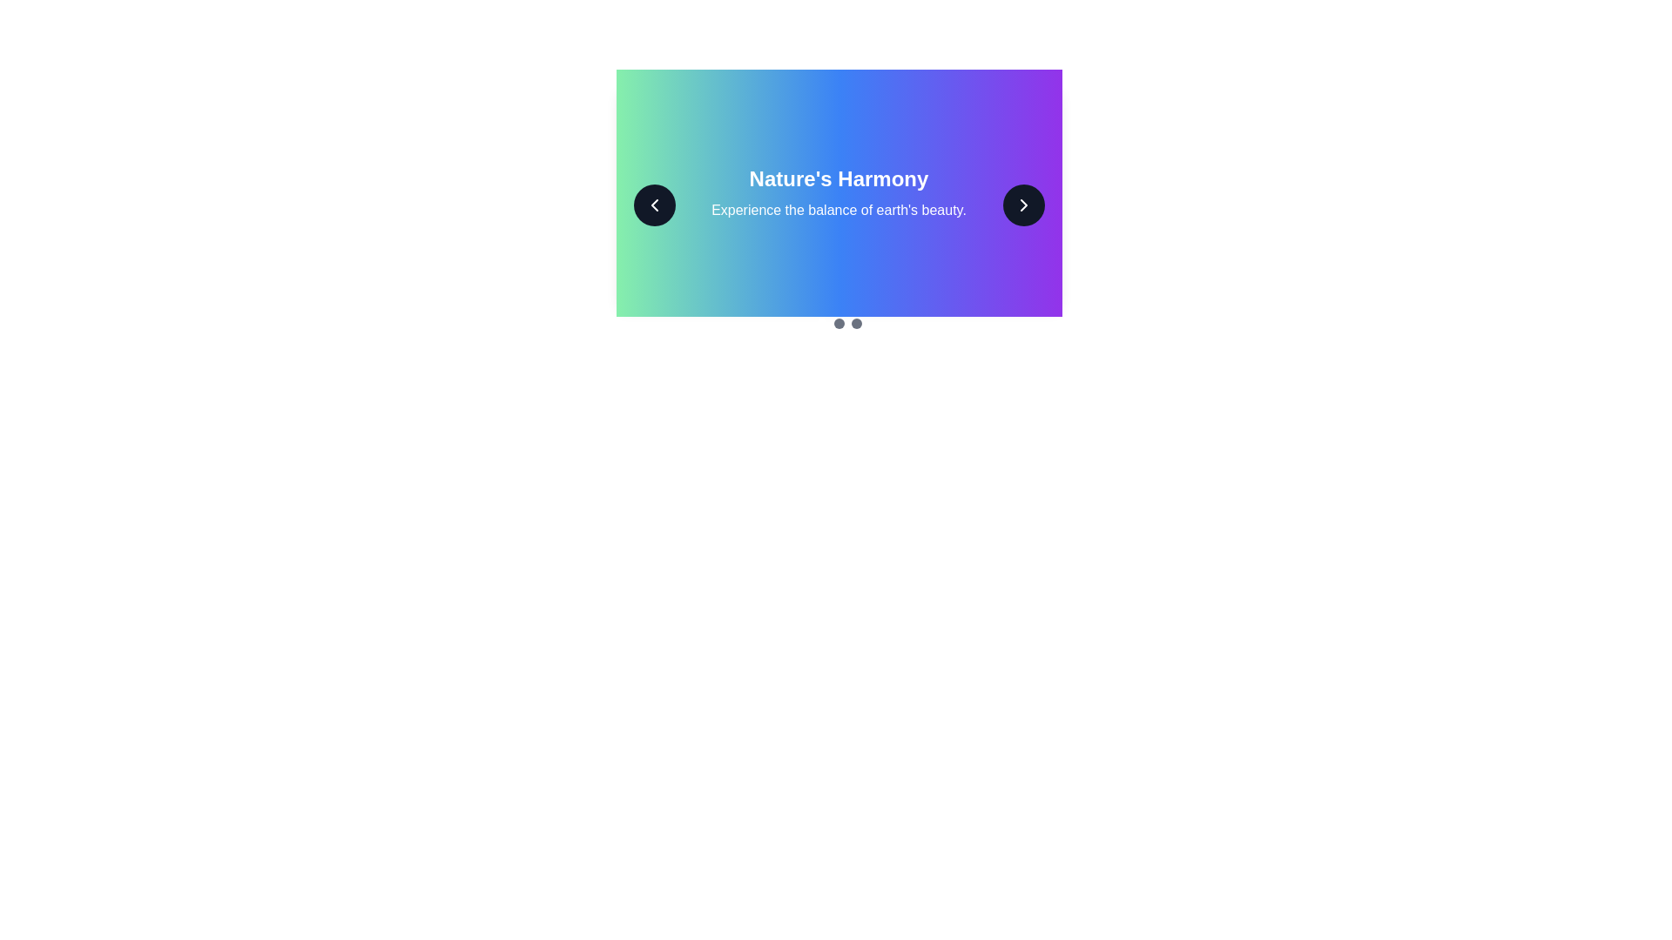 This screenshot has width=1672, height=940. What do you see at coordinates (839, 323) in the screenshot?
I see `the second circular Indicator Dot in the carousel` at bounding box center [839, 323].